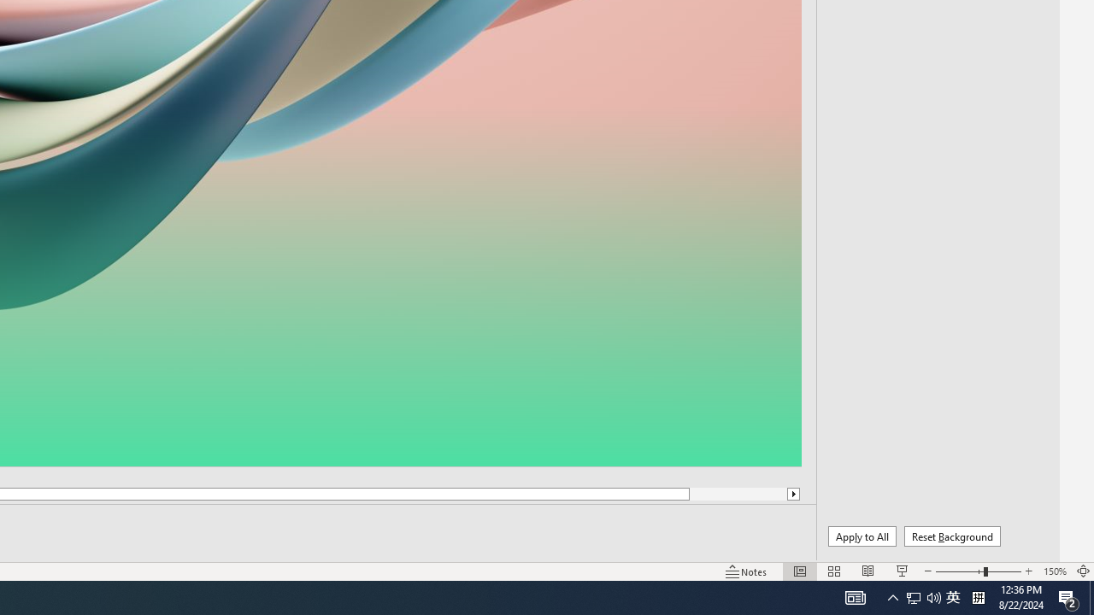  I want to click on 'Zoom 150%', so click(1054, 571).